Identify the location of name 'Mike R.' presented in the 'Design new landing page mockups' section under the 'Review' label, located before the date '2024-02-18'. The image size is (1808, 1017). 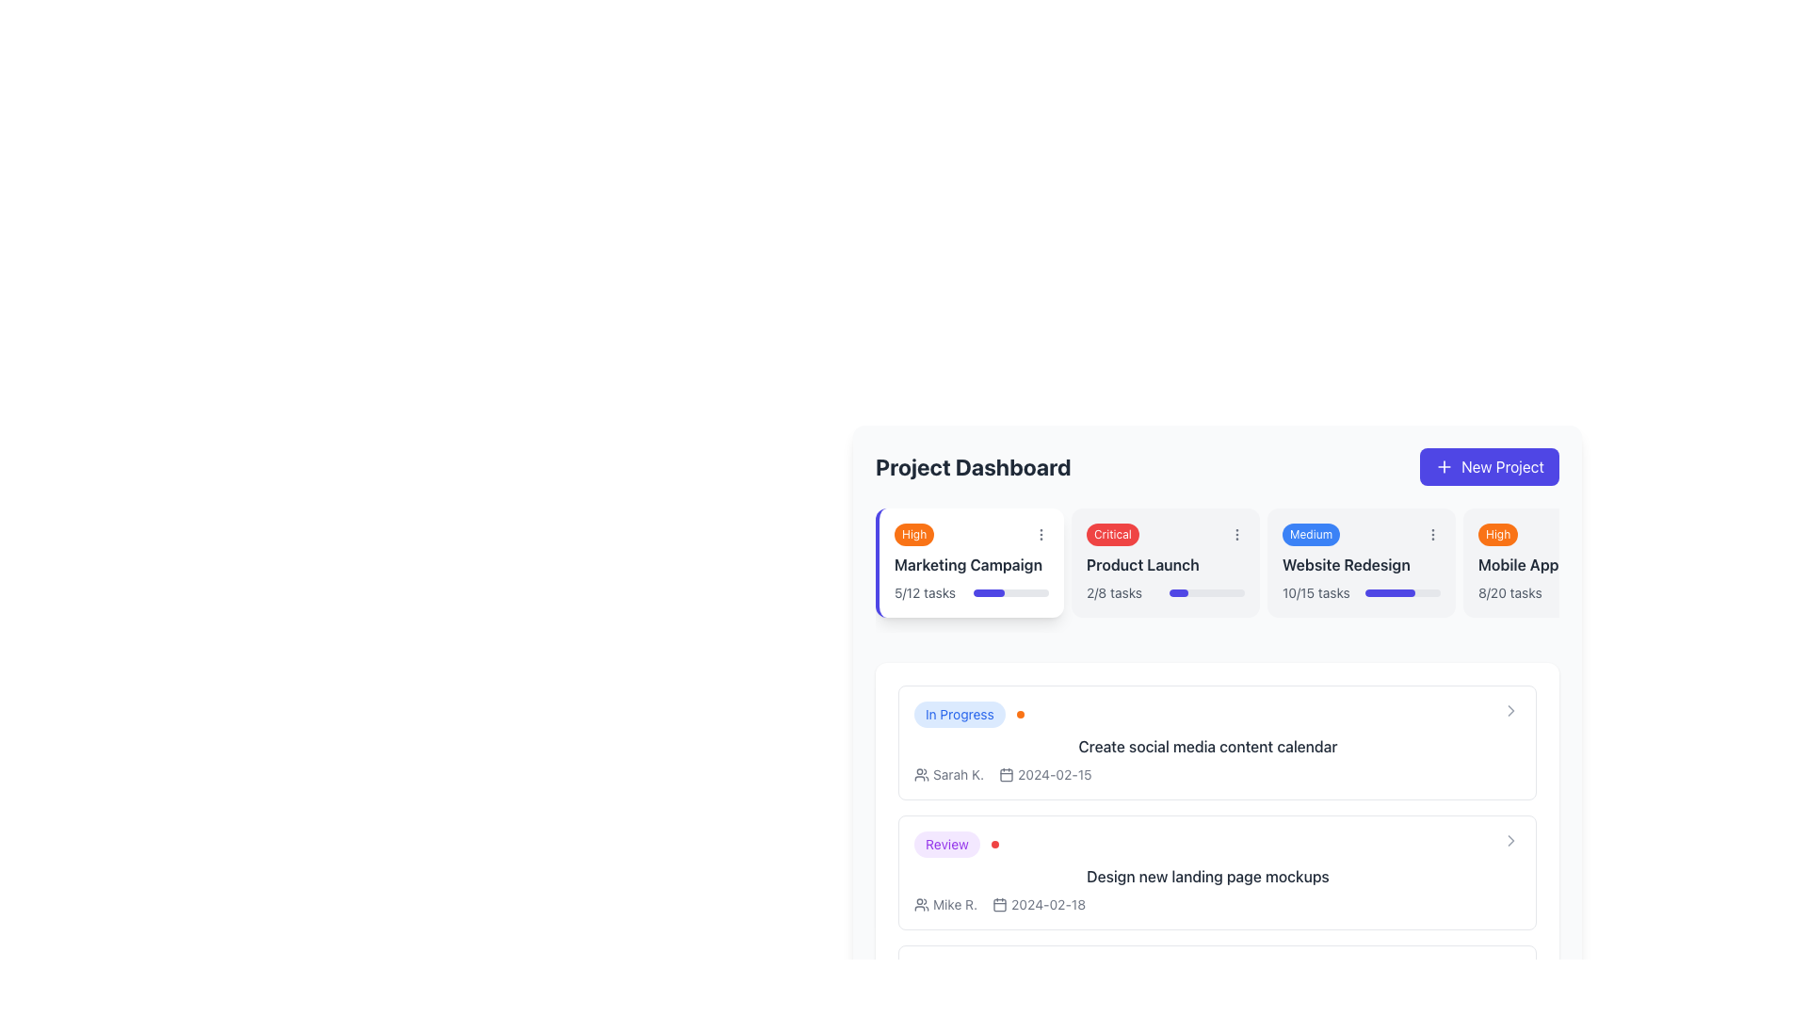
(945, 903).